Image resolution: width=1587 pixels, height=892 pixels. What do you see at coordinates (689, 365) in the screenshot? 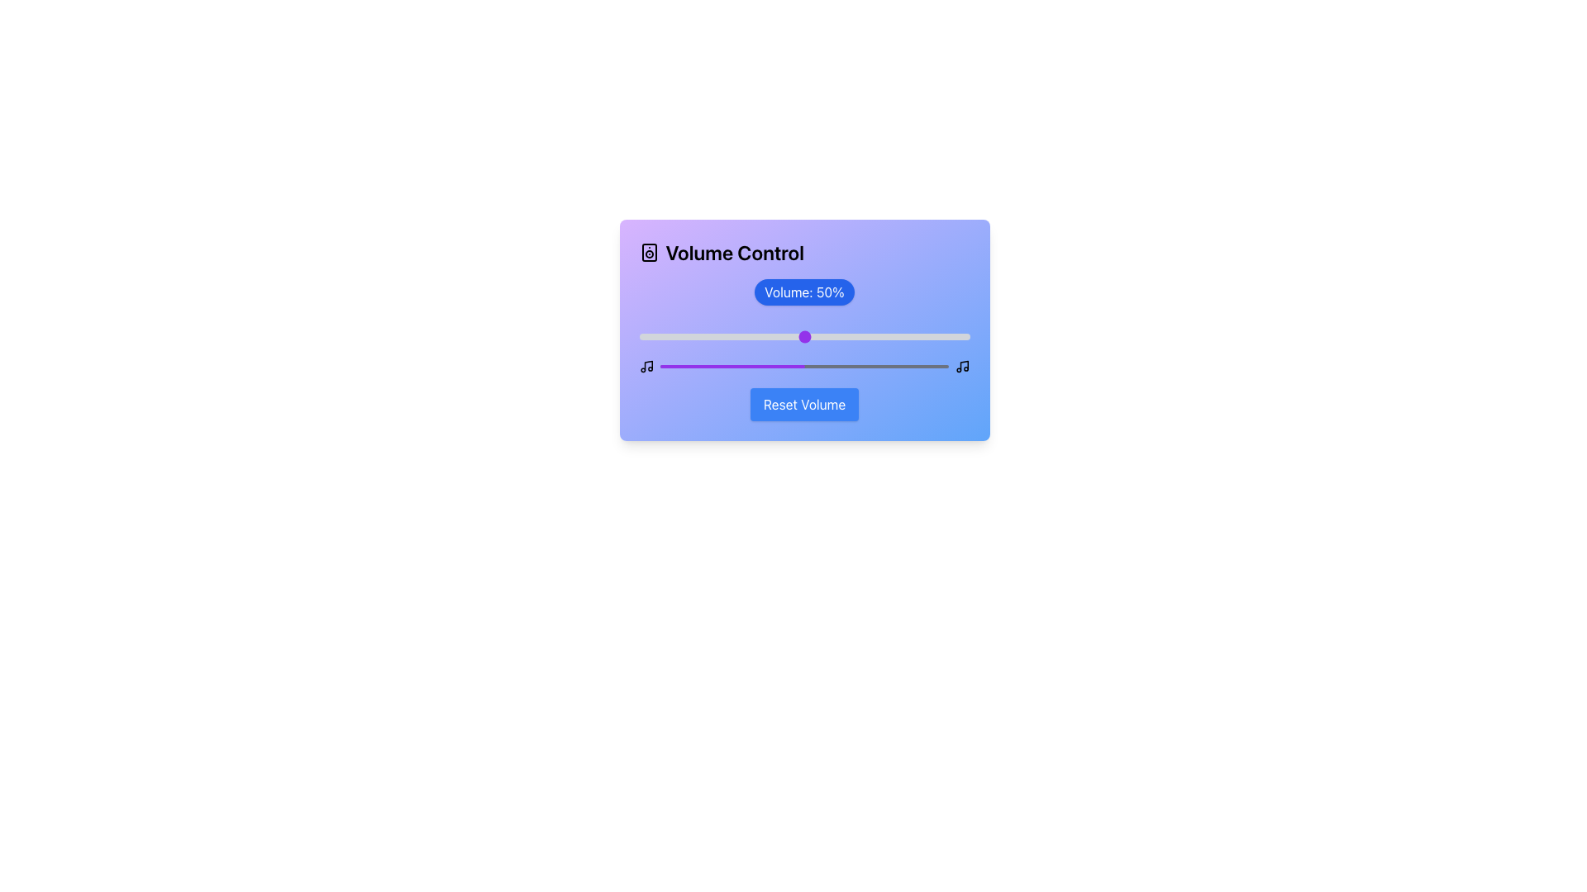
I see `the volume` at bounding box center [689, 365].